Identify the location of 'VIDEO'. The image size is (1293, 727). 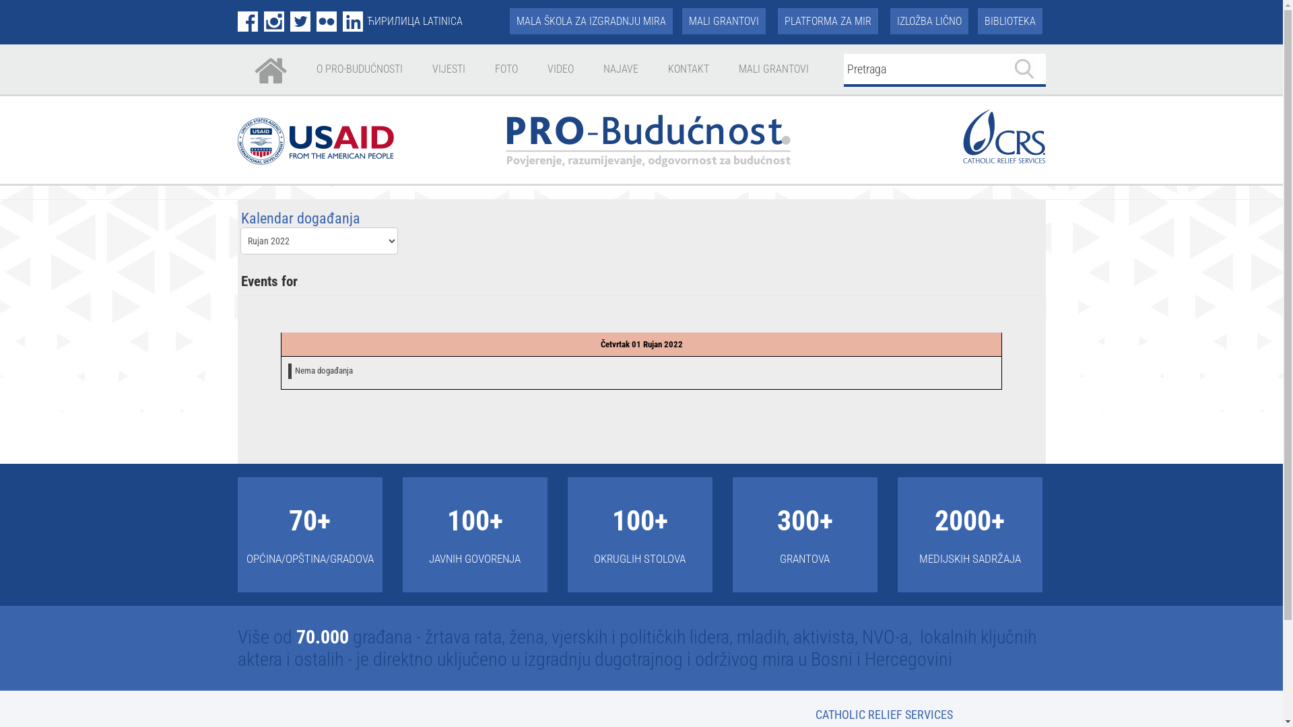
(560, 69).